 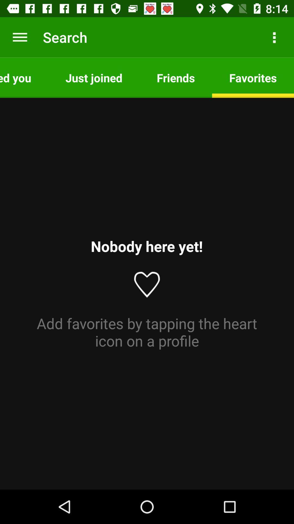 I want to click on the liked you, so click(x=24, y=77).